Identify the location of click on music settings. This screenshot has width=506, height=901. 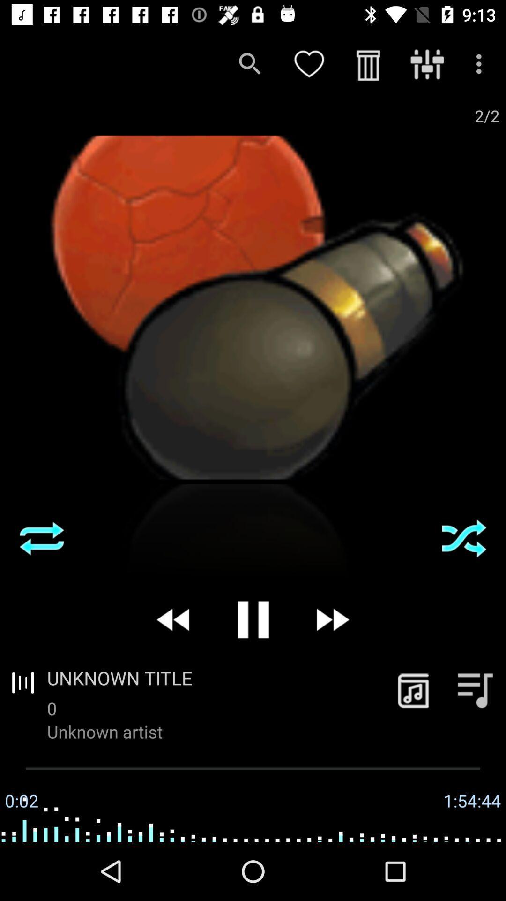
(475, 690).